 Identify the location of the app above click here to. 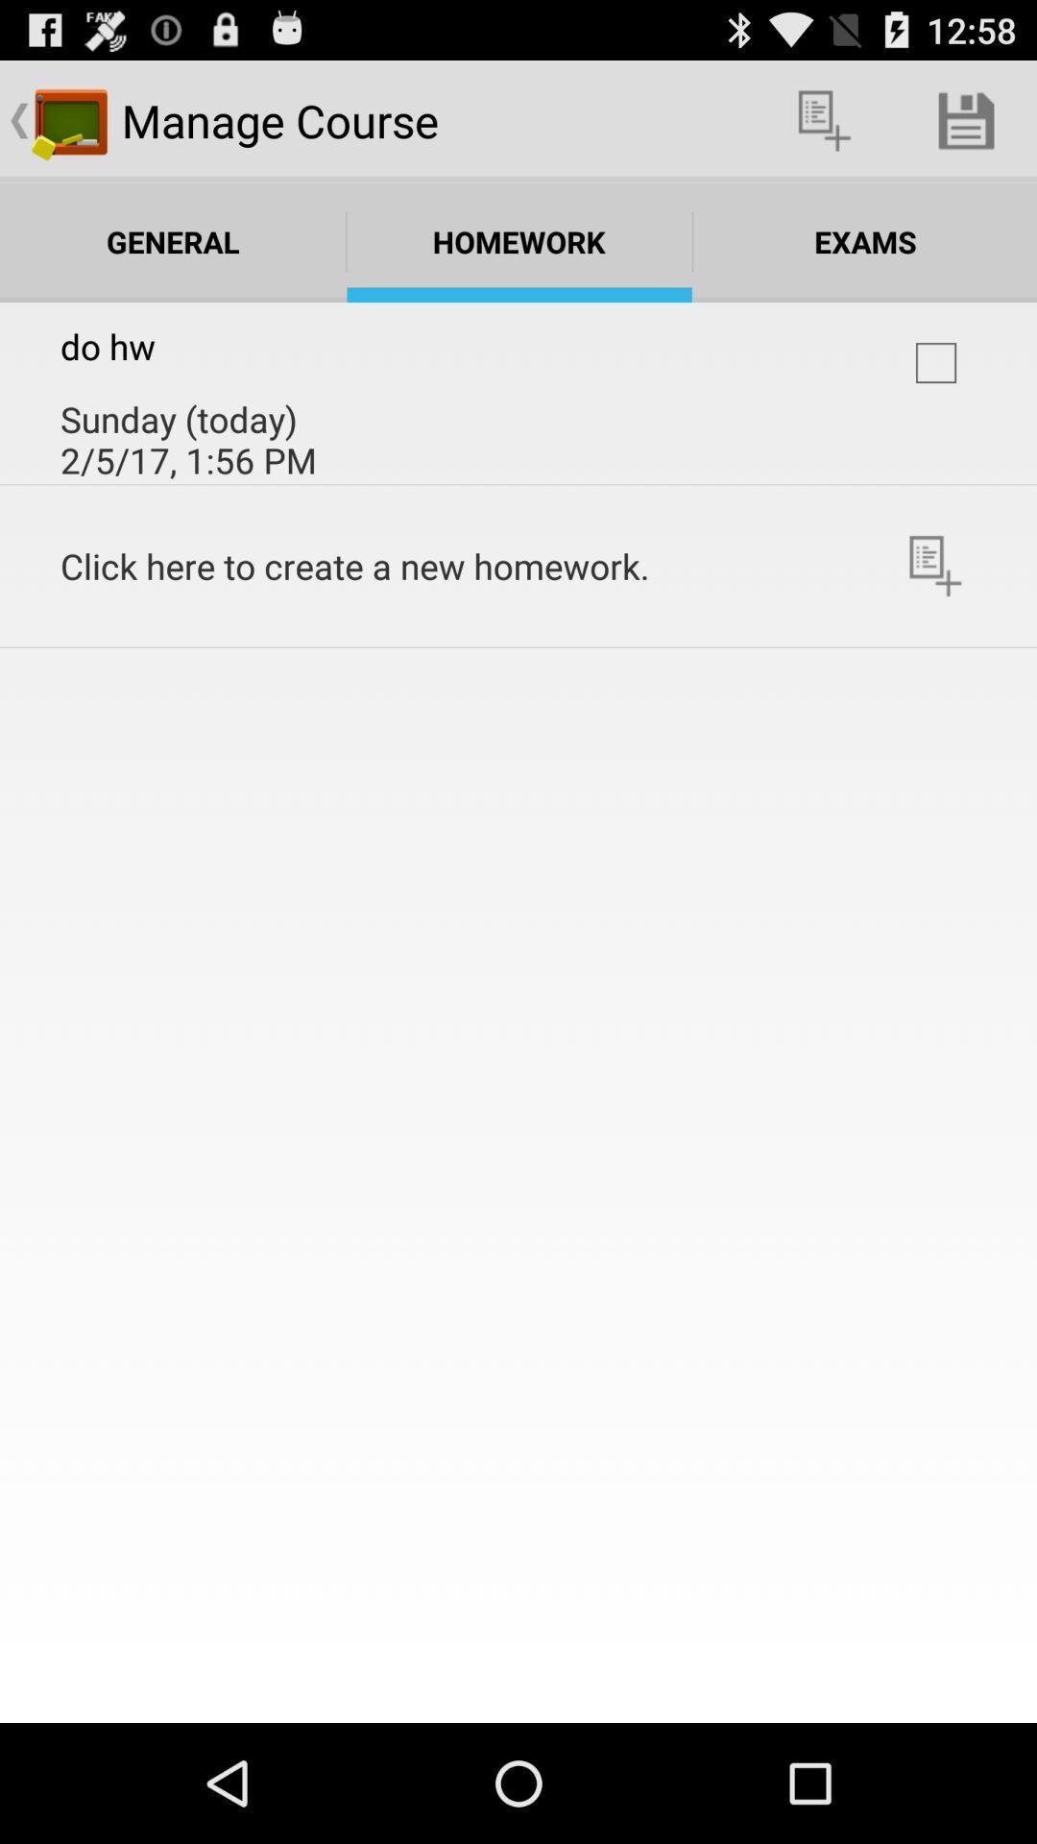
(935, 363).